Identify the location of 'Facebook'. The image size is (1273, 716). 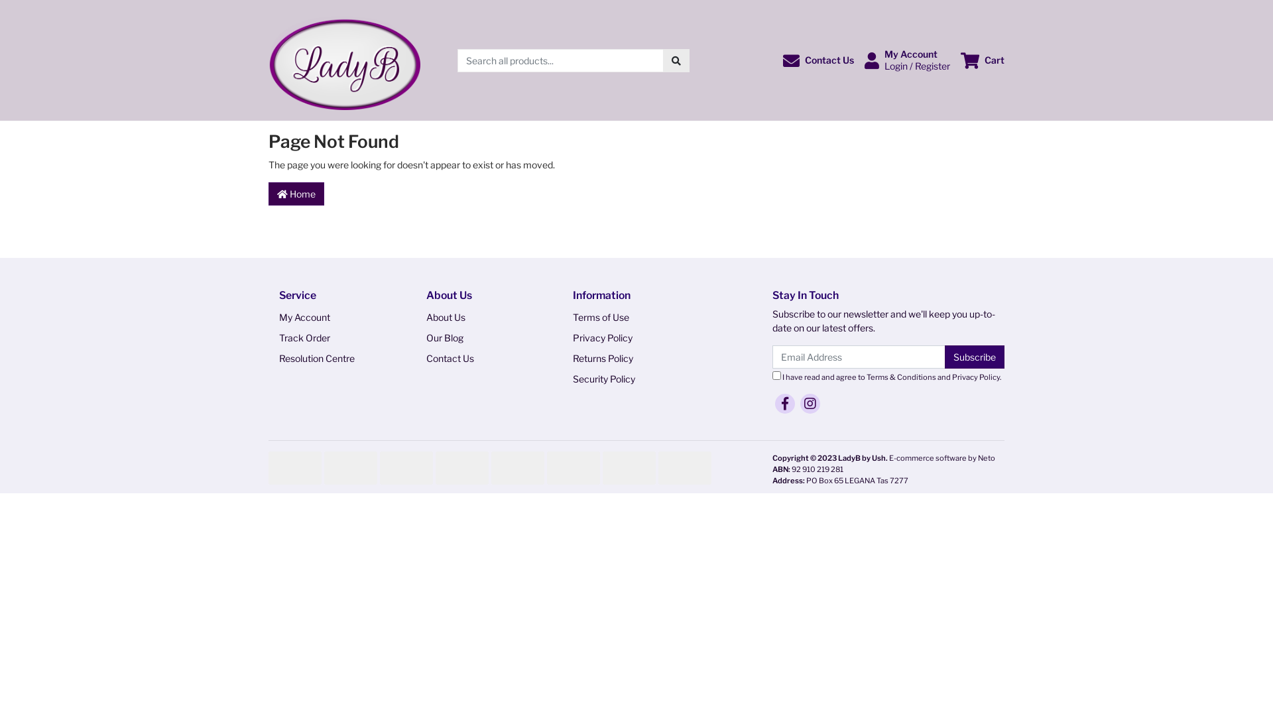
(785, 403).